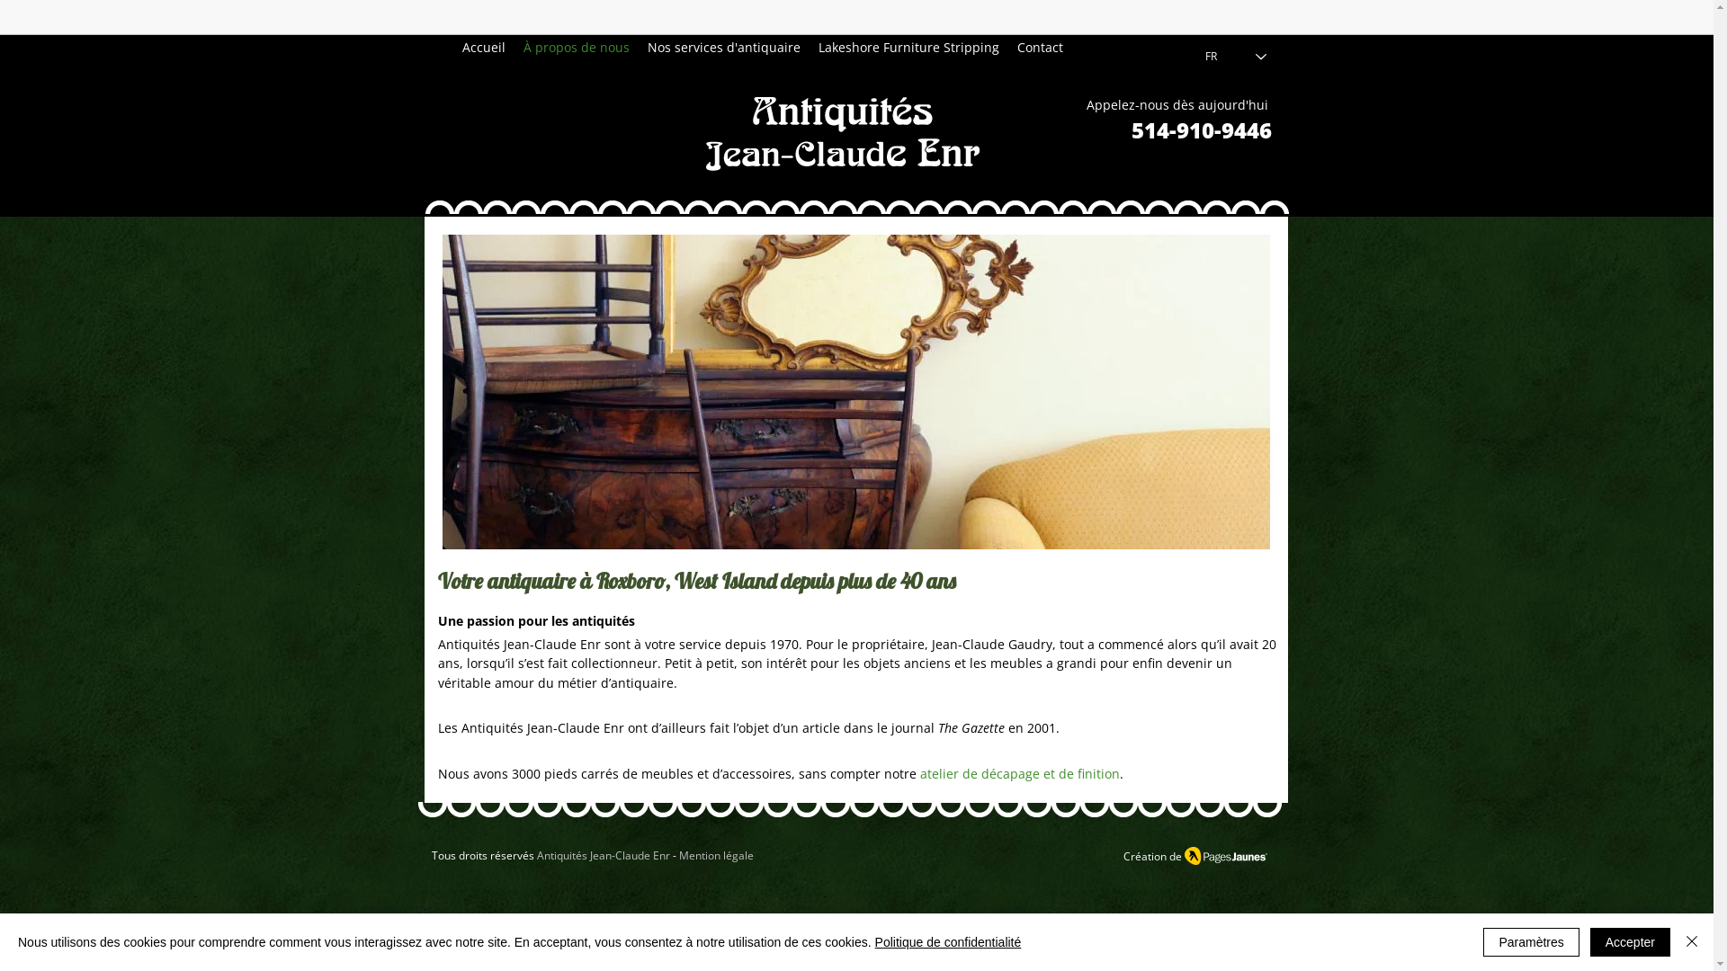  I want to click on 'Accueil', so click(483, 47).